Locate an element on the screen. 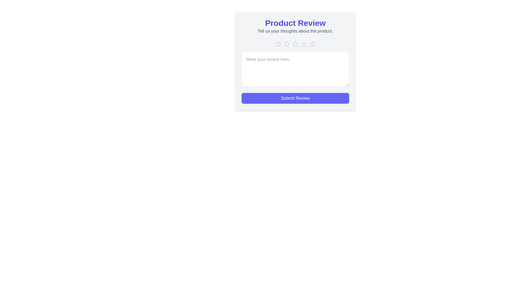 This screenshot has height=291, width=517. the 'Product Review' text label which is bold and blue indigo, located at the top of the content card is located at coordinates (295, 23).